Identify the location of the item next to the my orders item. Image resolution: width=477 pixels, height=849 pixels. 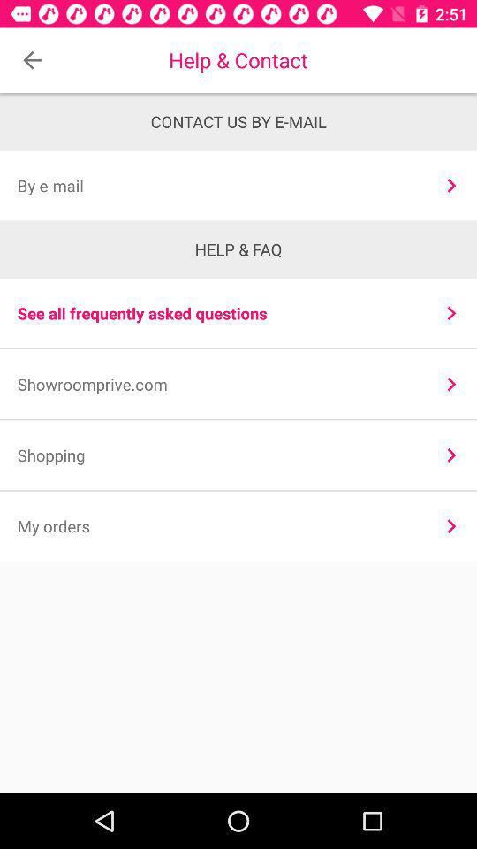
(451, 526).